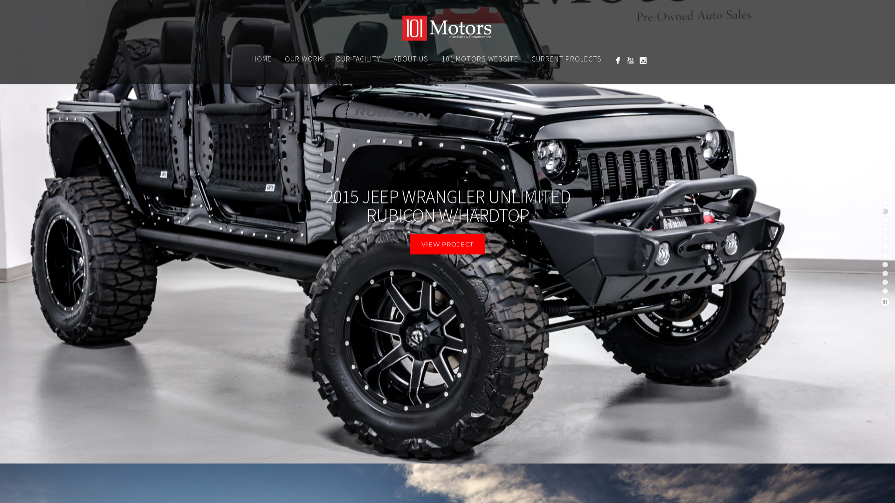  I want to click on 'Facebook', so click(611, 60).